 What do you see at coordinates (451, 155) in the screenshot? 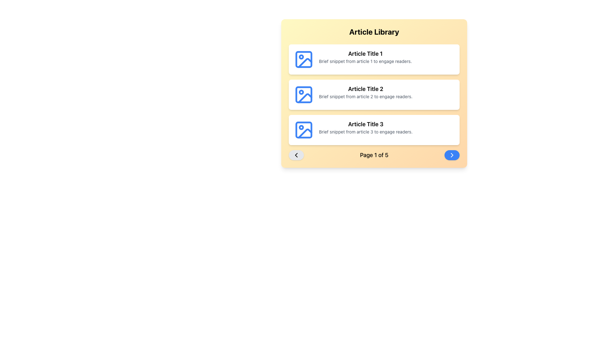
I see `the right-facing arrow icon within the circular blue button at the bottom-right corner of the 'Article Library' panel` at bounding box center [451, 155].